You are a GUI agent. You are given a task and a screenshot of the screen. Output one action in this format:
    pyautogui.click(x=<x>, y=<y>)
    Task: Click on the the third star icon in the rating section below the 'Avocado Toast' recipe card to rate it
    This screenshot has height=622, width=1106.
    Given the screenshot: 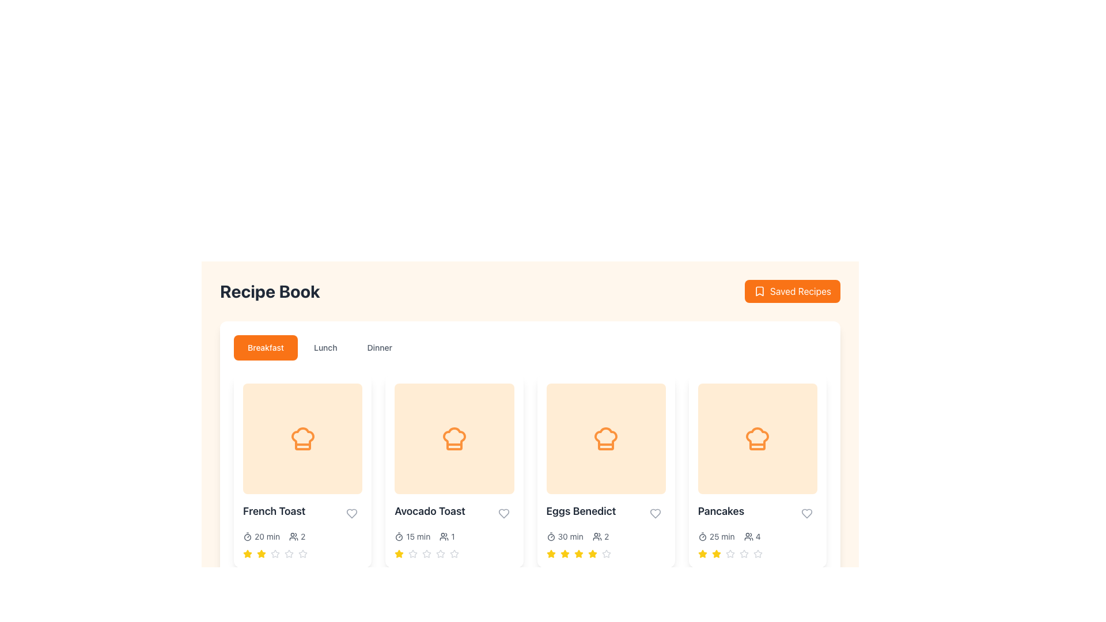 What is the action you would take?
    pyautogui.click(x=440, y=553)
    